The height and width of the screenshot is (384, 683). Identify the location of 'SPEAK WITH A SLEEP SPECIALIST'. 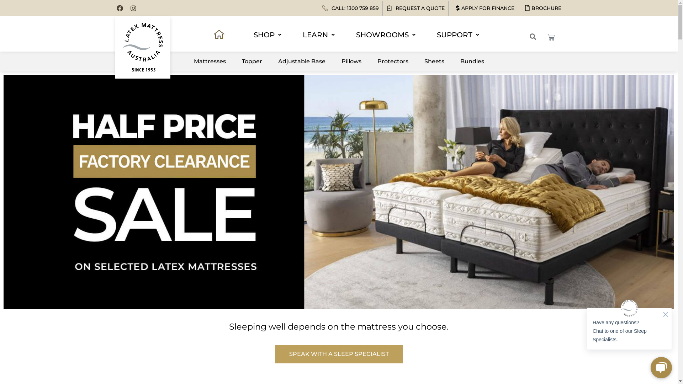
(338, 354).